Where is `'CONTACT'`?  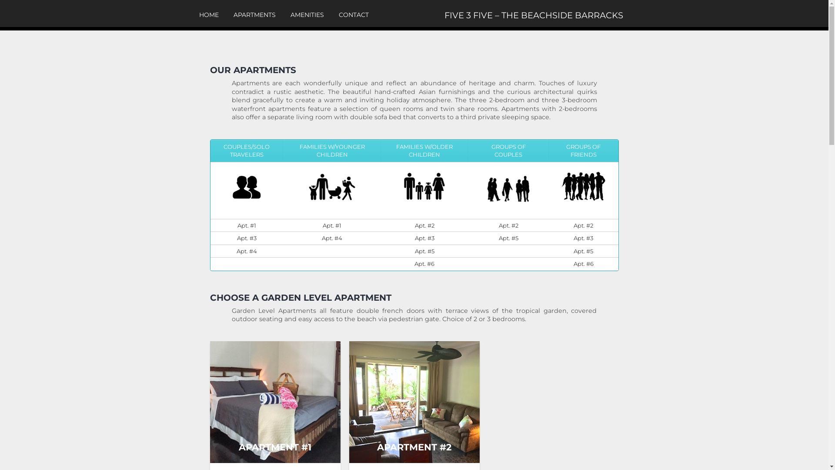 'CONTACT' is located at coordinates (353, 15).